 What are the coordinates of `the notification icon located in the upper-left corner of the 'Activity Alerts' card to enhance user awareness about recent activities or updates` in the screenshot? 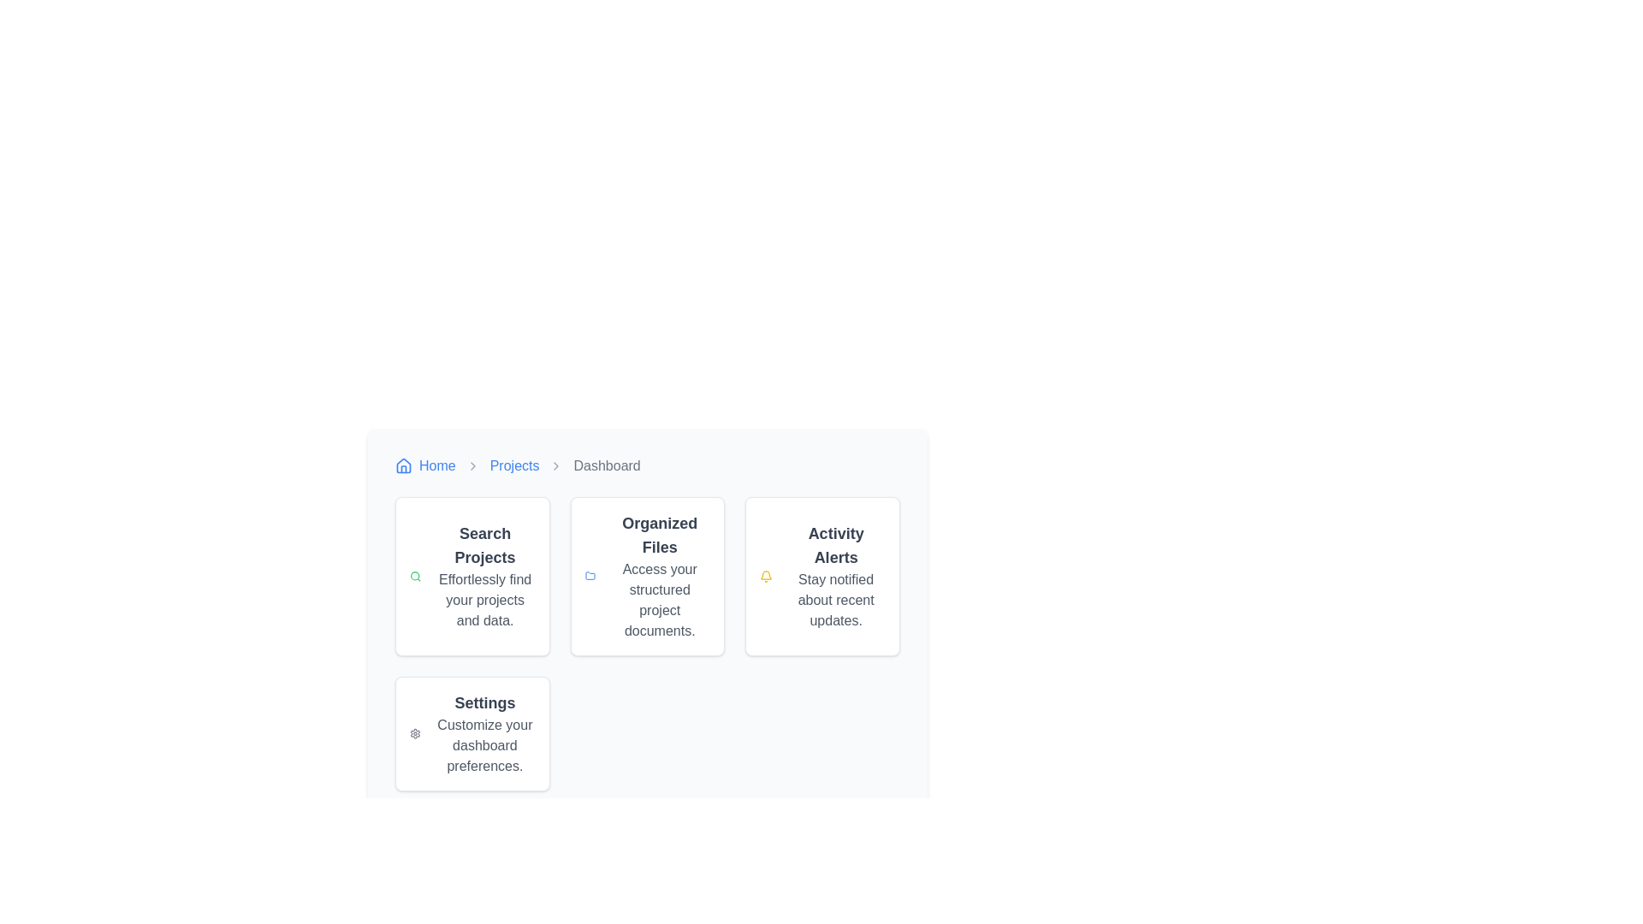 It's located at (765, 577).